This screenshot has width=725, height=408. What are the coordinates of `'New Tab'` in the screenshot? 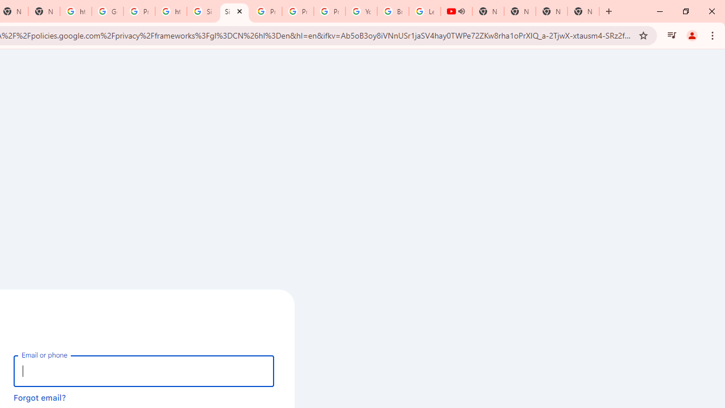 It's located at (583, 11).